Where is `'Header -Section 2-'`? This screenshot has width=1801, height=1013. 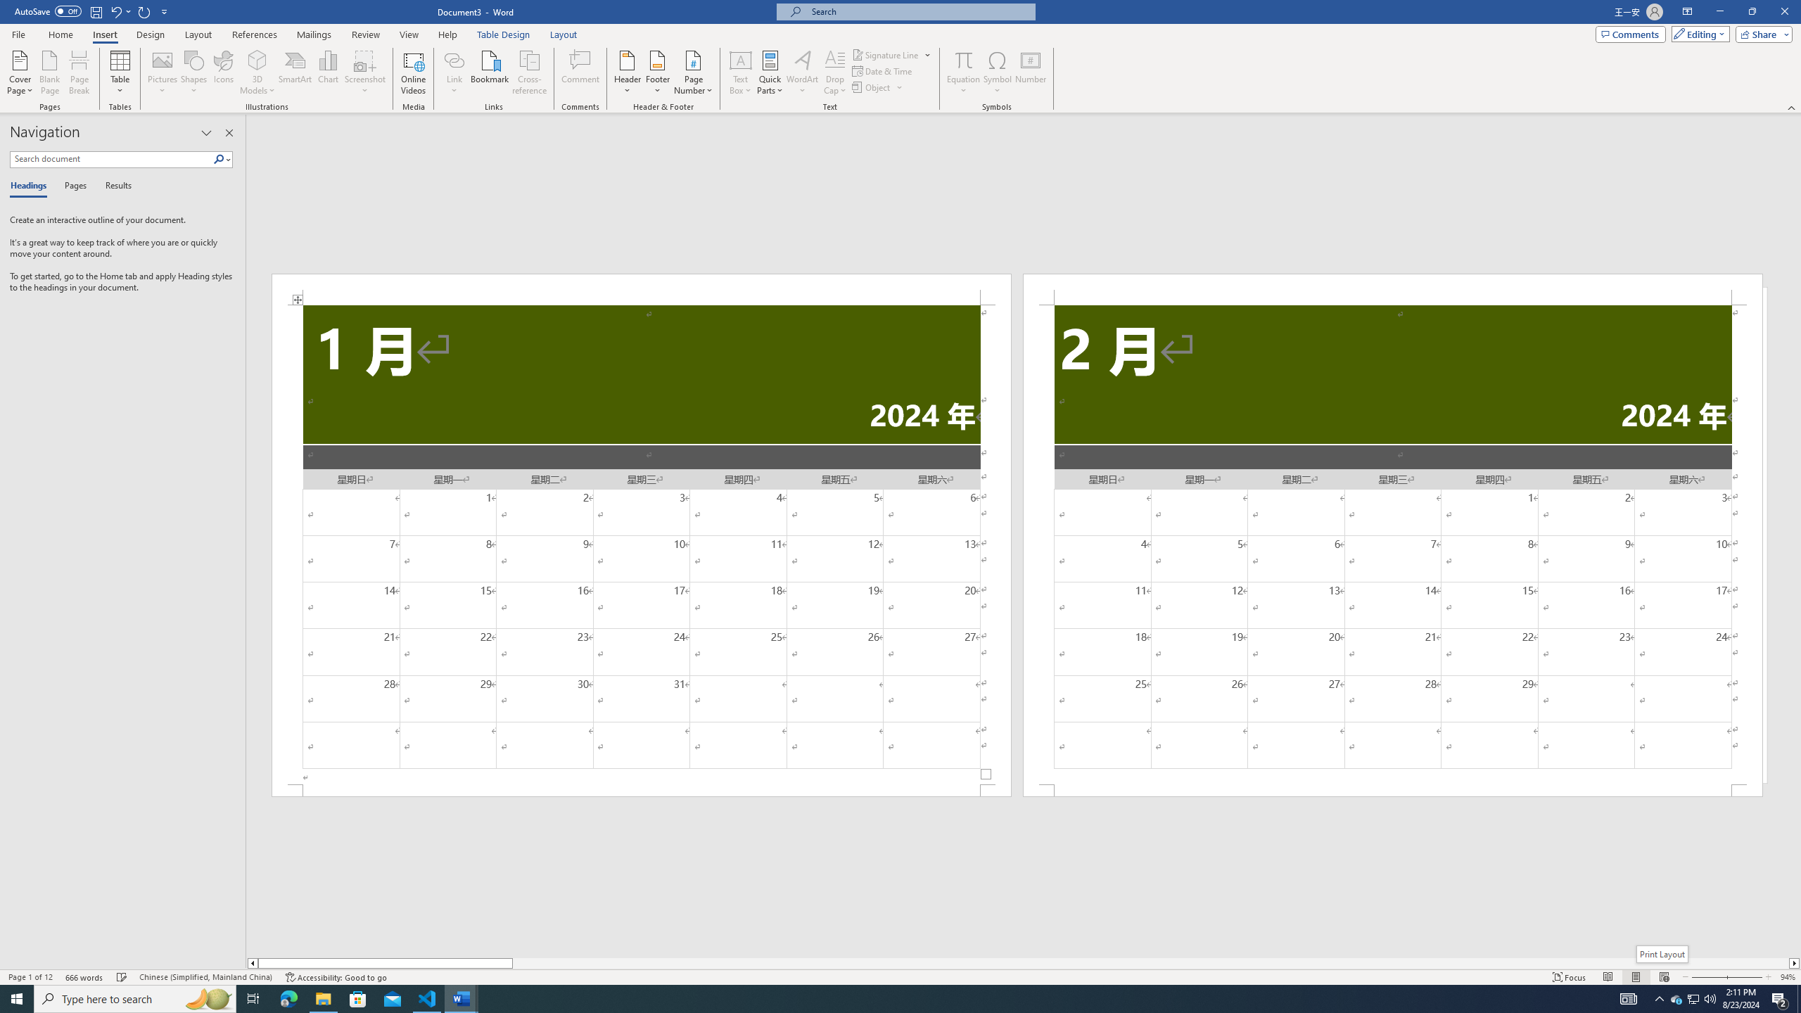 'Header -Section 2-' is located at coordinates (1393, 288).